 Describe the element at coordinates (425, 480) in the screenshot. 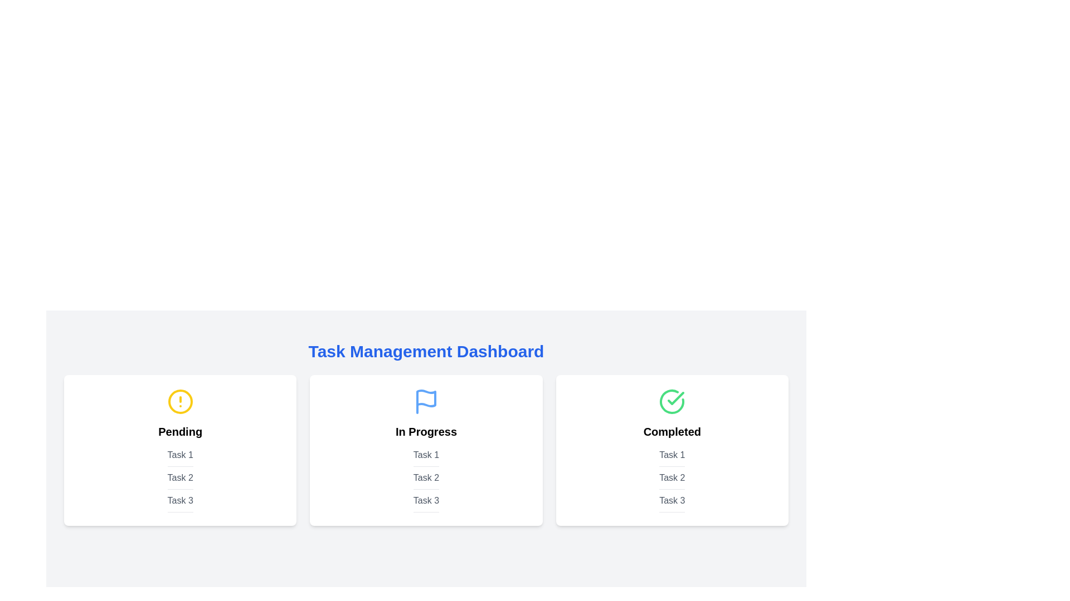

I see `text from the vertically stacked list of items ('Task 1', 'Task 2', 'Task 3') located in the center of the 'In Progress' card` at that location.